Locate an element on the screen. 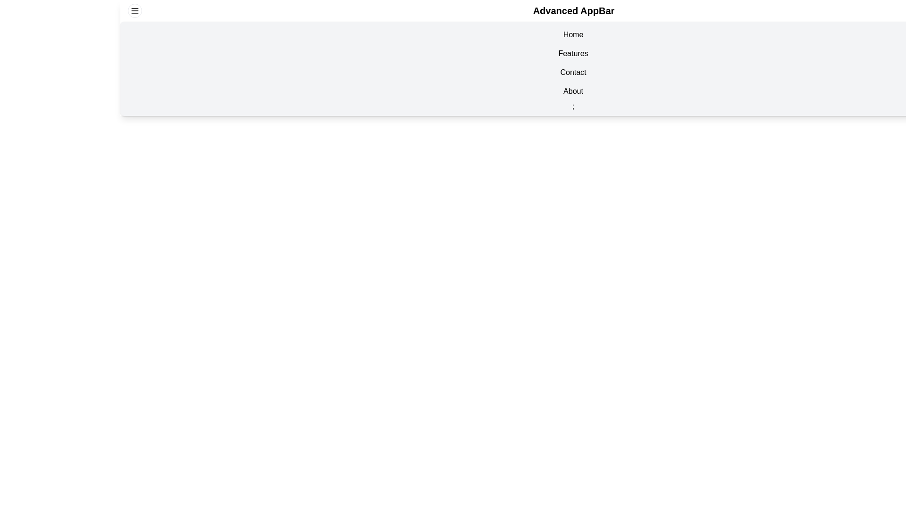 This screenshot has height=509, width=906. the navigation item About in the EnhancedAppBar is located at coordinates (572, 91).